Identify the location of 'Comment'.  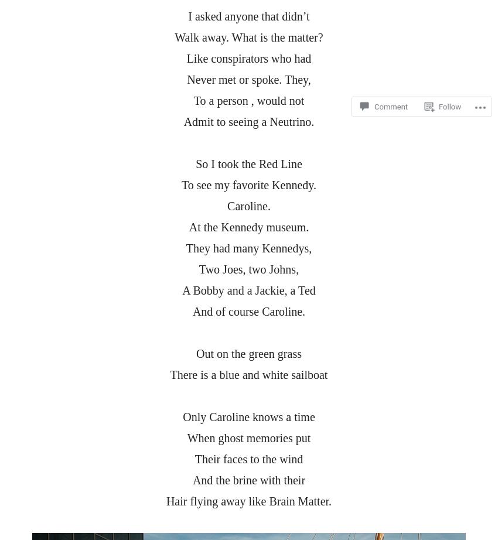
(374, 75).